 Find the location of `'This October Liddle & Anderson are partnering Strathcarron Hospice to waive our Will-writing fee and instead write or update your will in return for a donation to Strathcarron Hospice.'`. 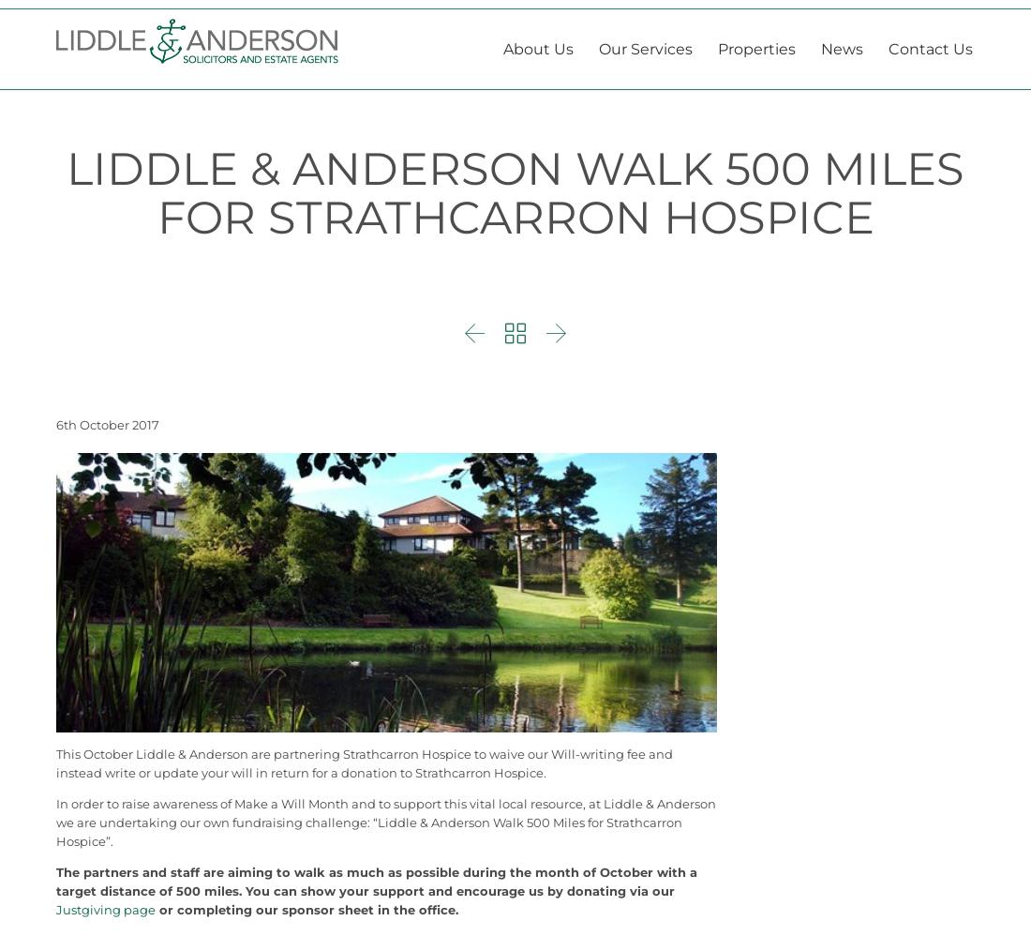

'This October Liddle & Anderson are partnering Strathcarron Hospice to waive our Will-writing fee and instead write or update your will in return for a donation to Strathcarron Hospice.' is located at coordinates (364, 808).